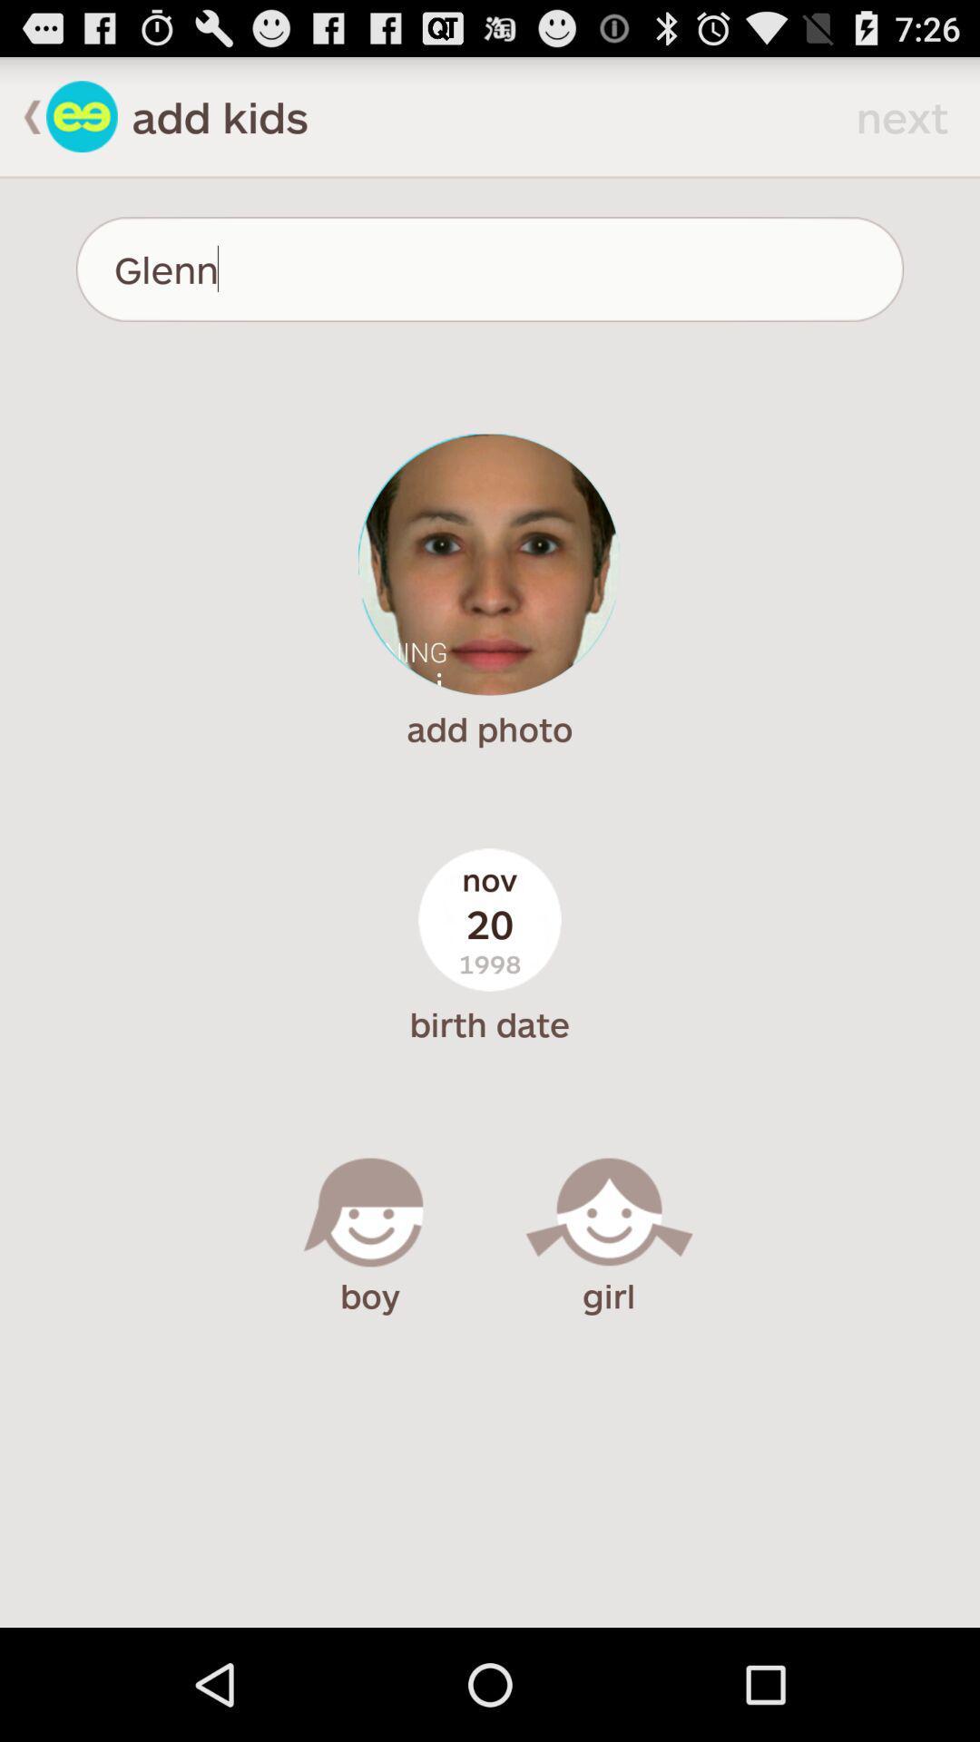 Image resolution: width=980 pixels, height=1742 pixels. What do you see at coordinates (488, 563) in the screenshot?
I see `your own photo` at bounding box center [488, 563].